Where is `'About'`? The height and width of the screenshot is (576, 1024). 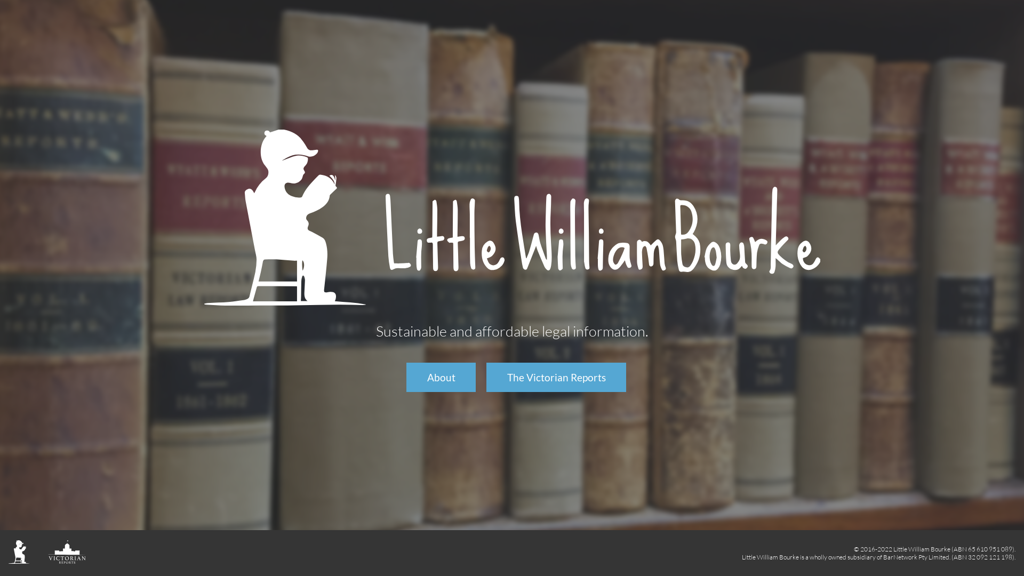 'About' is located at coordinates (441, 377).